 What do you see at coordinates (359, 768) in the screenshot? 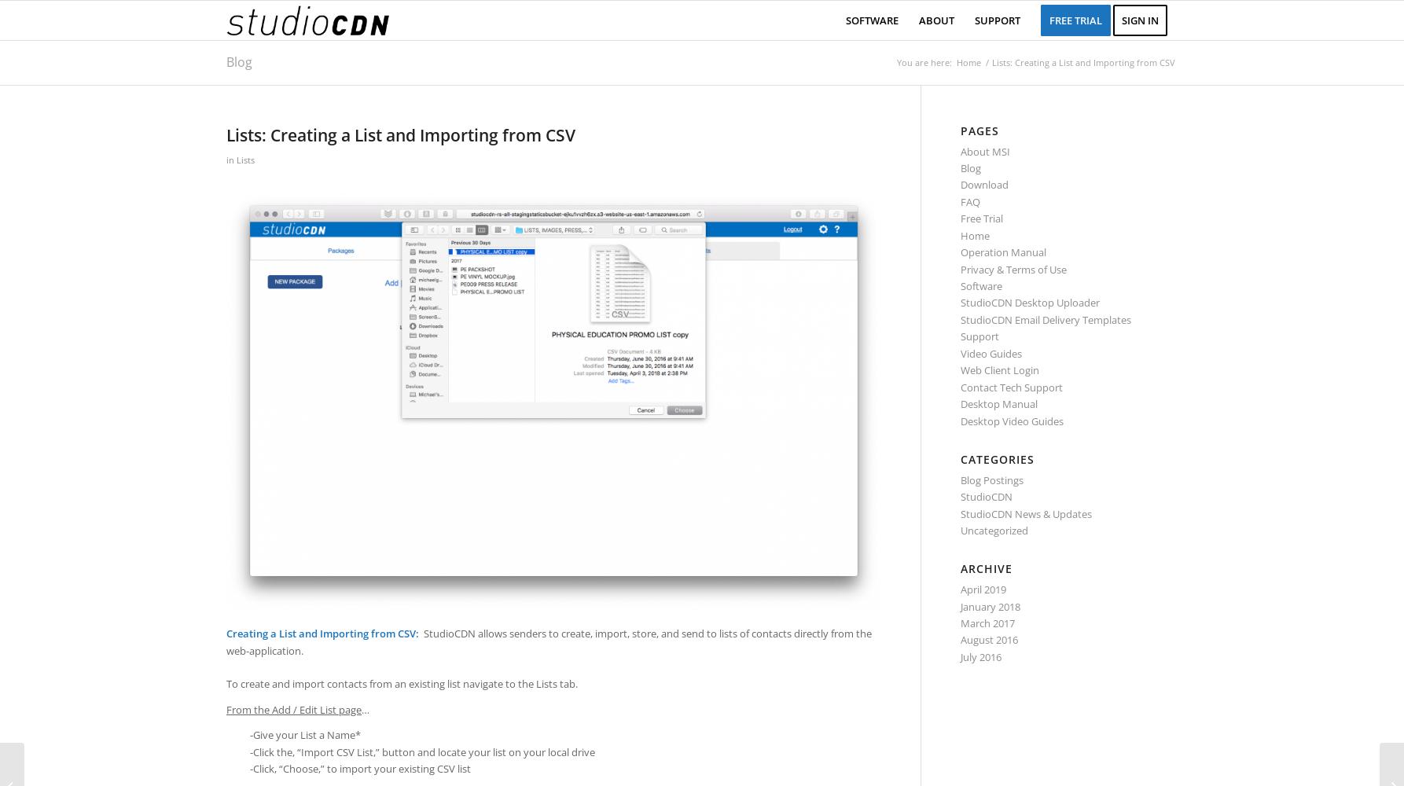
I see `'-Click, “Choose,” to import your existing CSV list'` at bounding box center [359, 768].